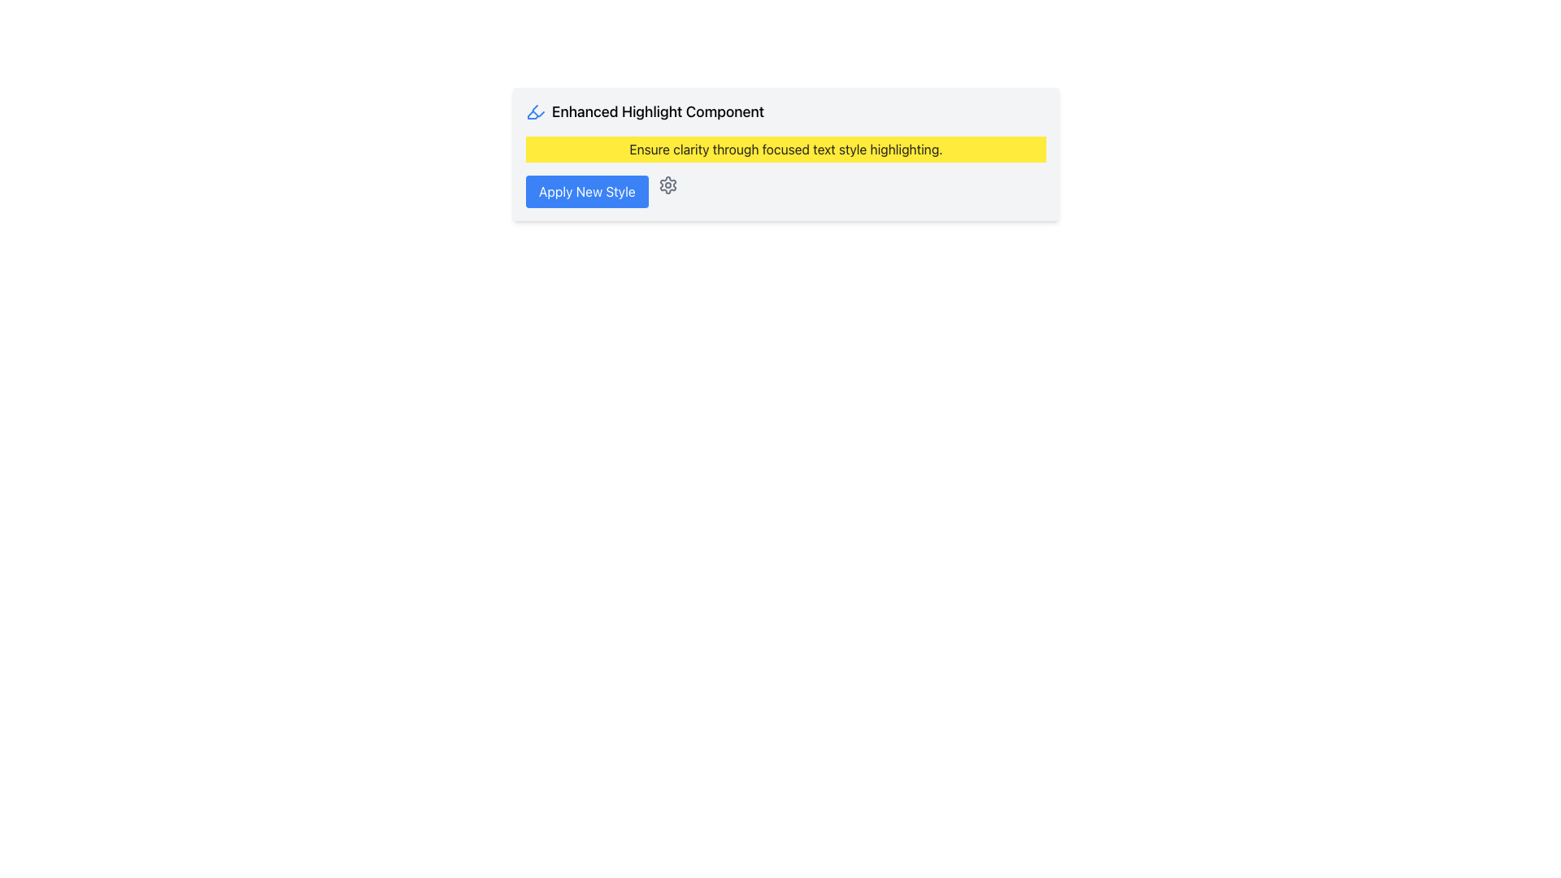  I want to click on the settings icon located on the rightmost side of the upper area elements, so click(667, 184).